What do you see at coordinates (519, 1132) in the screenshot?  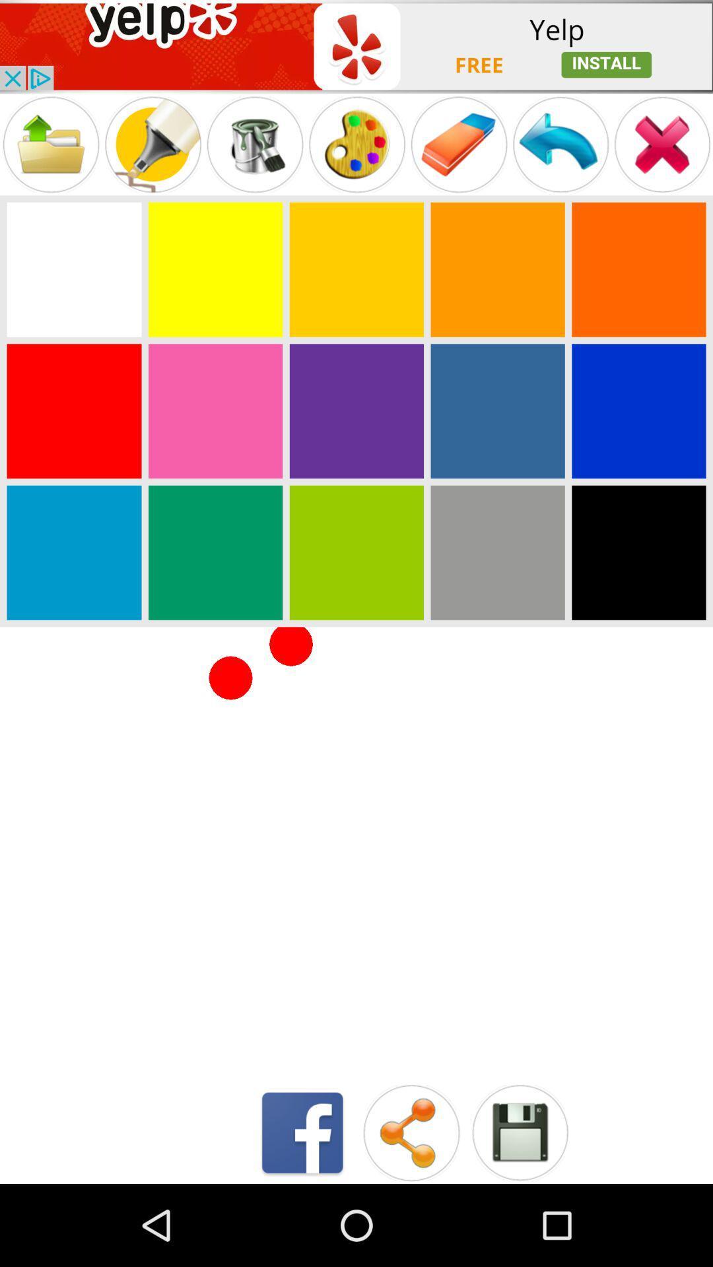 I see `save` at bounding box center [519, 1132].